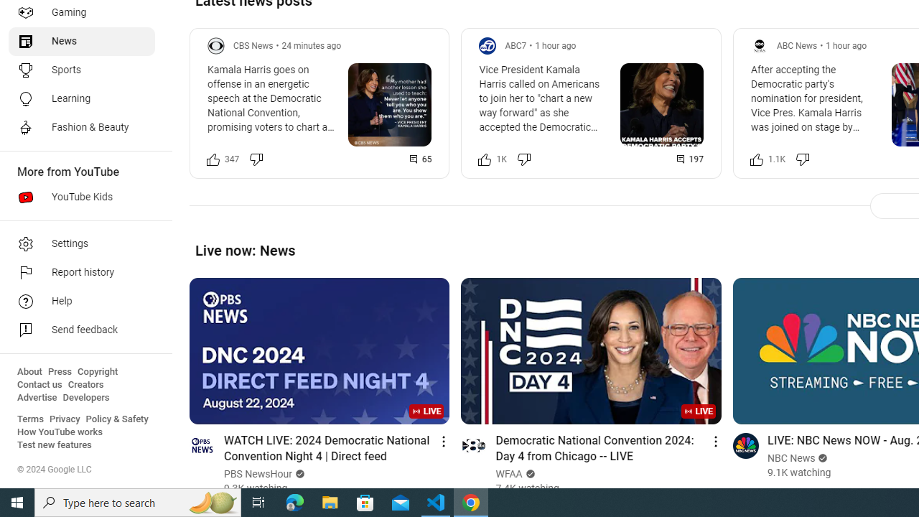 The image size is (919, 517). What do you see at coordinates (745, 444) in the screenshot?
I see `'Go to channel'` at bounding box center [745, 444].